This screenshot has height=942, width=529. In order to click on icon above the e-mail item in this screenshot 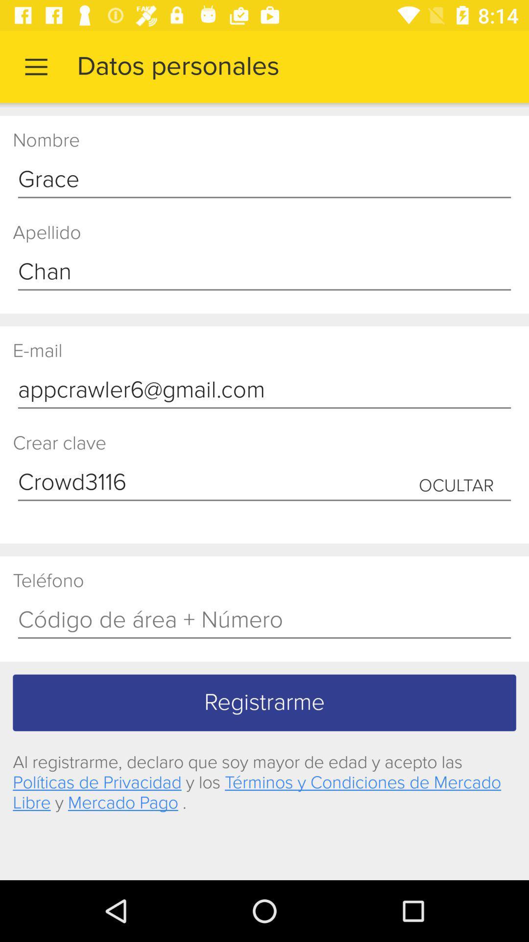, I will do `click(264, 272)`.